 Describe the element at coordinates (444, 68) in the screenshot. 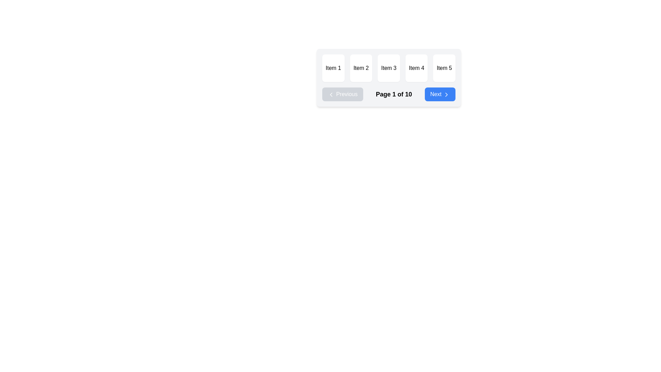

I see `the static label or text box displaying 'Item 5', located at the far-right end of a horizontally aligned grid, just before the 'Next' button` at that location.